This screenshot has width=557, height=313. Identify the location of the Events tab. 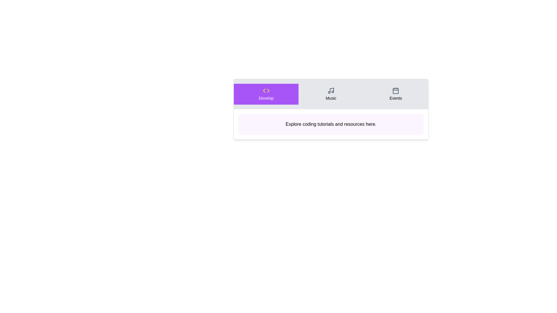
(395, 94).